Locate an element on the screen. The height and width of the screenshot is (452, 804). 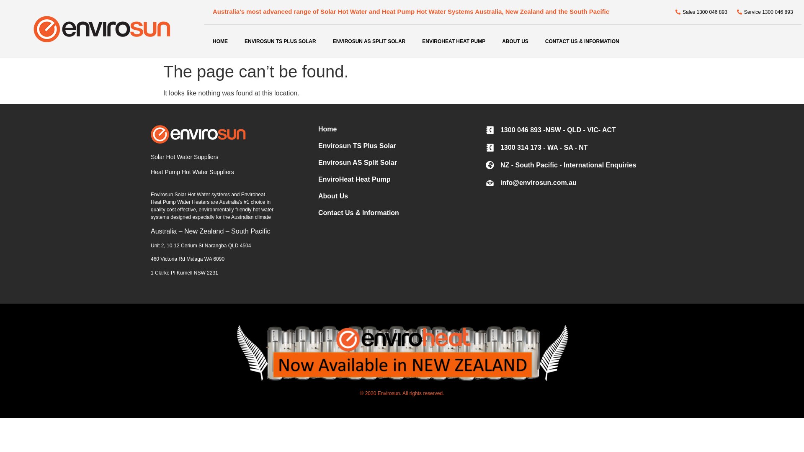
'ABOUT US' is located at coordinates (515, 41).